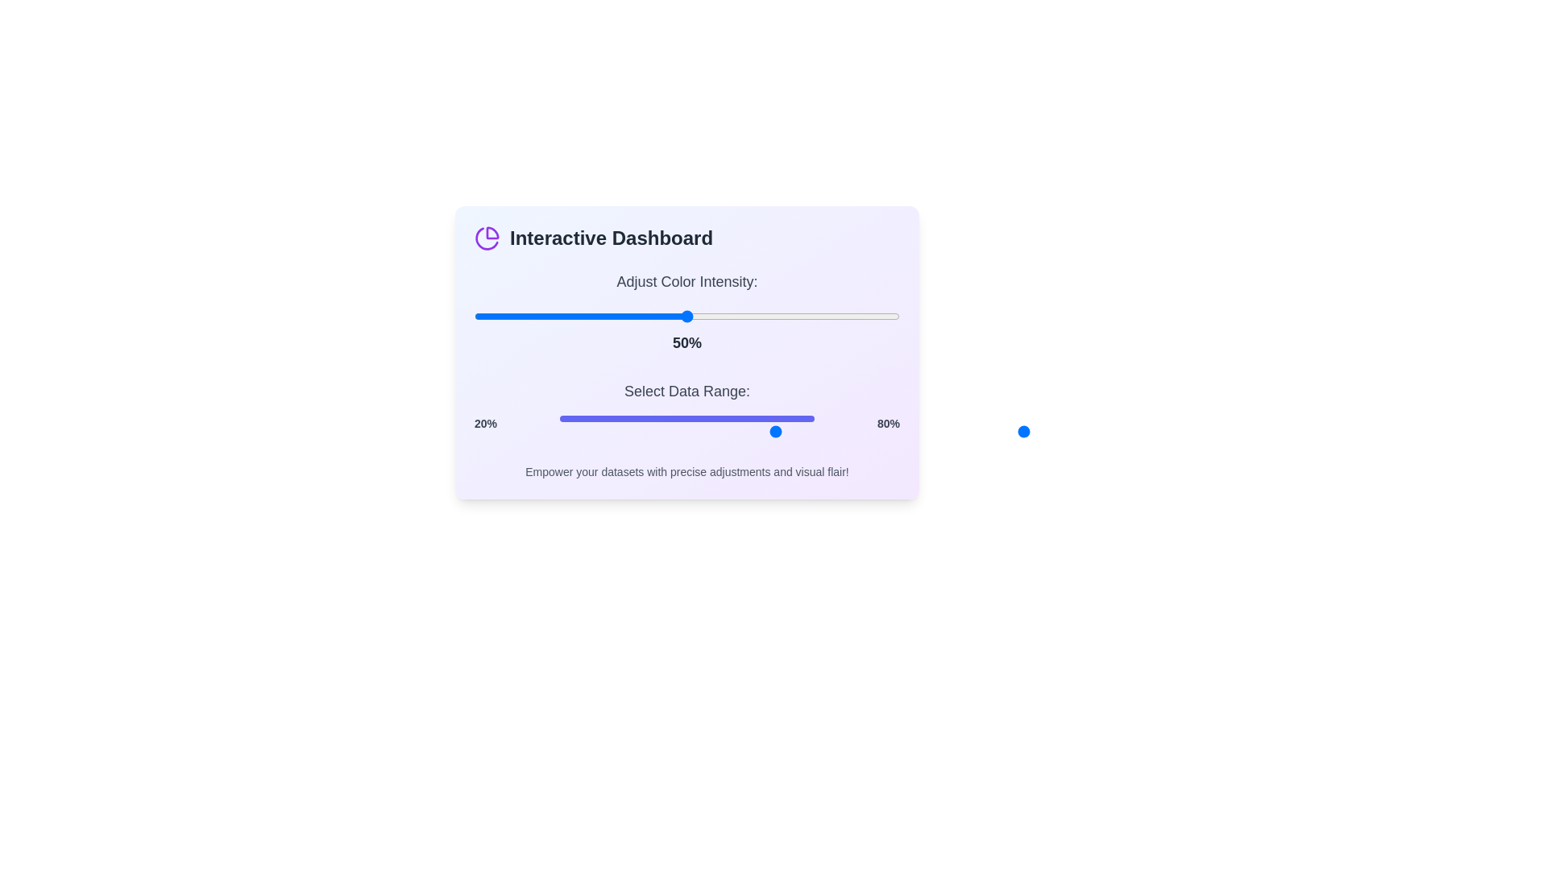 Image resolution: width=1547 pixels, height=870 pixels. Describe the element at coordinates (687, 418) in the screenshot. I see `the progress bar element located underneath the 'Select Data Range:' label, which is a narrow horizontal bar with a blue background and rounded ends` at that location.